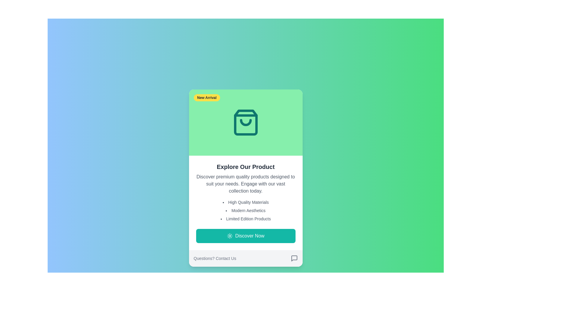  What do you see at coordinates (294, 258) in the screenshot?
I see `the speech bubble icon located at the bottom-right corner of the card labeled 'Questions? Contact Us'` at bounding box center [294, 258].